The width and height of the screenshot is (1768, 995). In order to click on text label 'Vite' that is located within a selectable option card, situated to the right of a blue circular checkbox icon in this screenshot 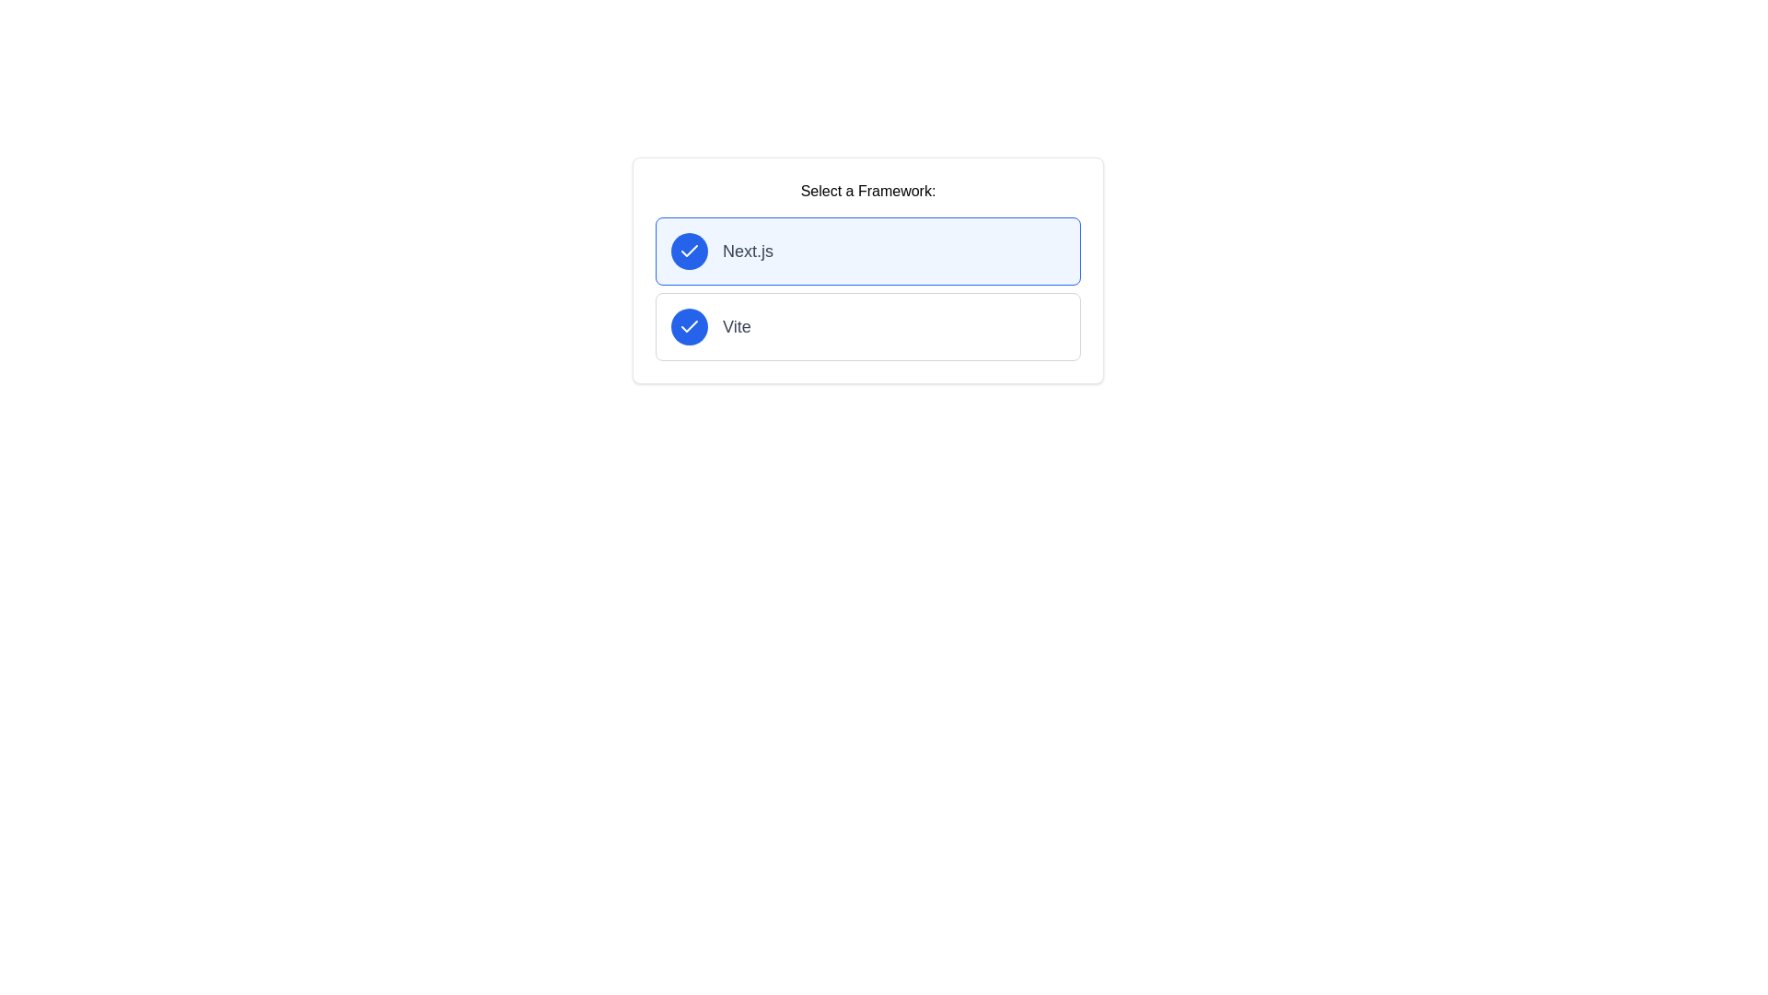, I will do `click(737, 325)`.